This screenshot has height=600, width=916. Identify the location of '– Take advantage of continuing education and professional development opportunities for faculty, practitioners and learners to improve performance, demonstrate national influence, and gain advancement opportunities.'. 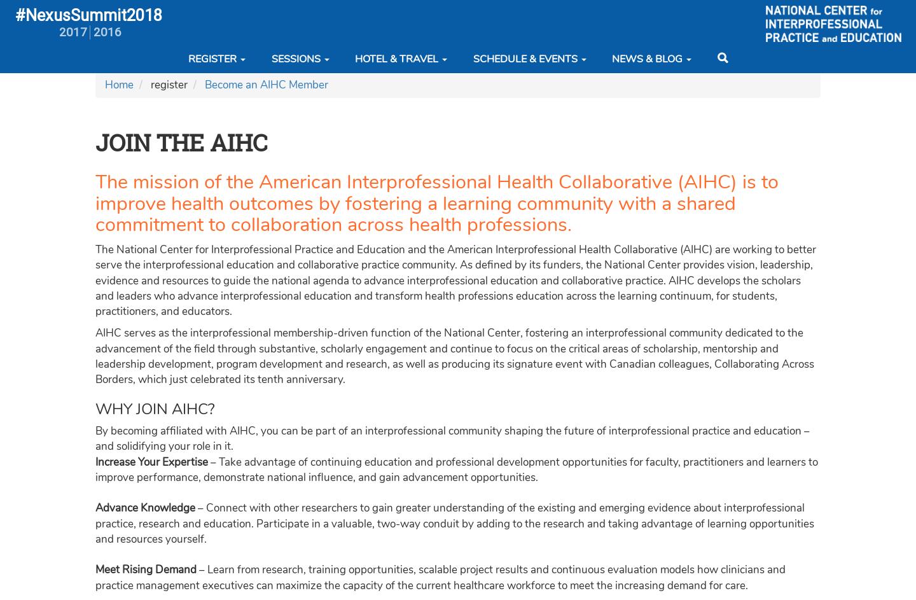
(95, 469).